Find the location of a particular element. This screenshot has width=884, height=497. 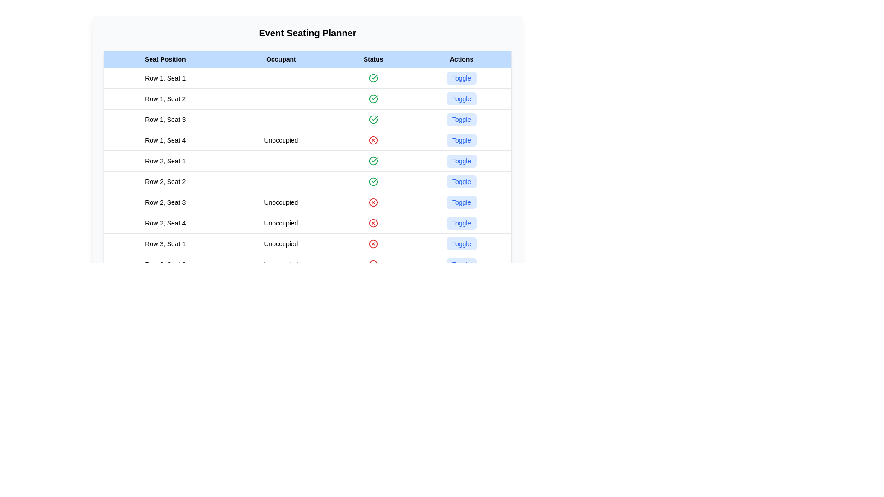

the green circular icon with a checkmark inside, located in the third cell of the 'Status' column for 'Row 2, Seat 1' is located at coordinates (373, 161).